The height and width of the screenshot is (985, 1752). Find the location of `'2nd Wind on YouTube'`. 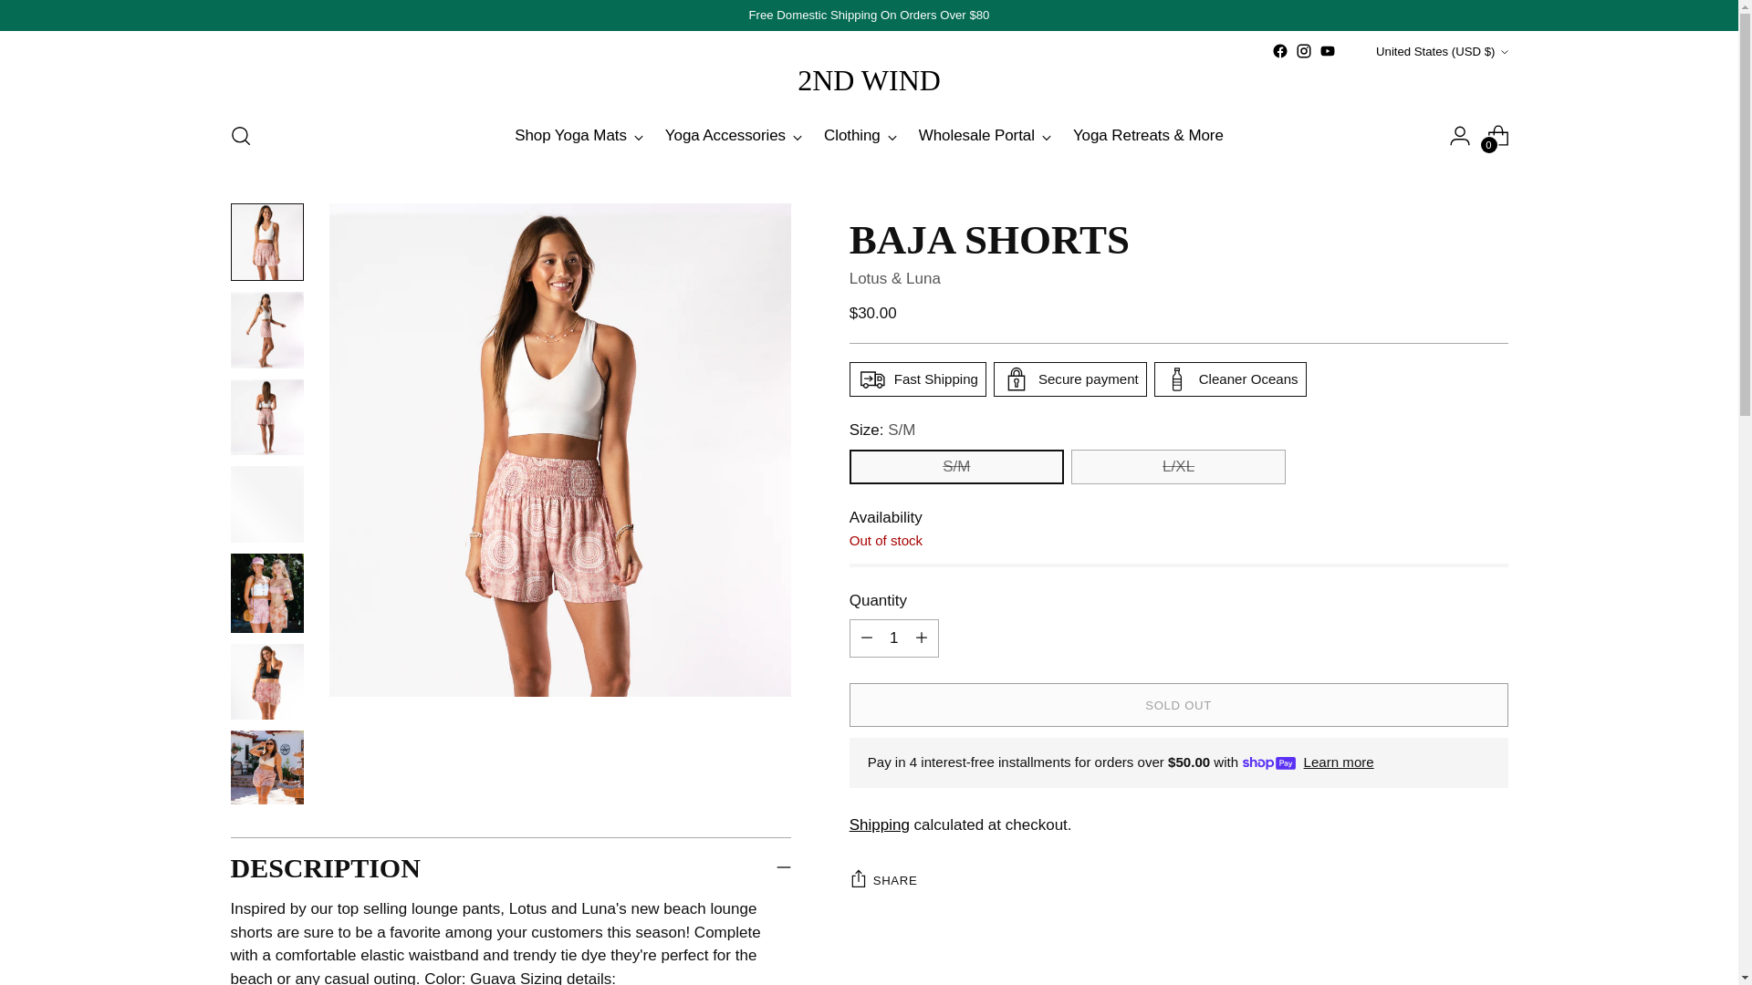

'2nd Wind on YouTube' is located at coordinates (1327, 50).